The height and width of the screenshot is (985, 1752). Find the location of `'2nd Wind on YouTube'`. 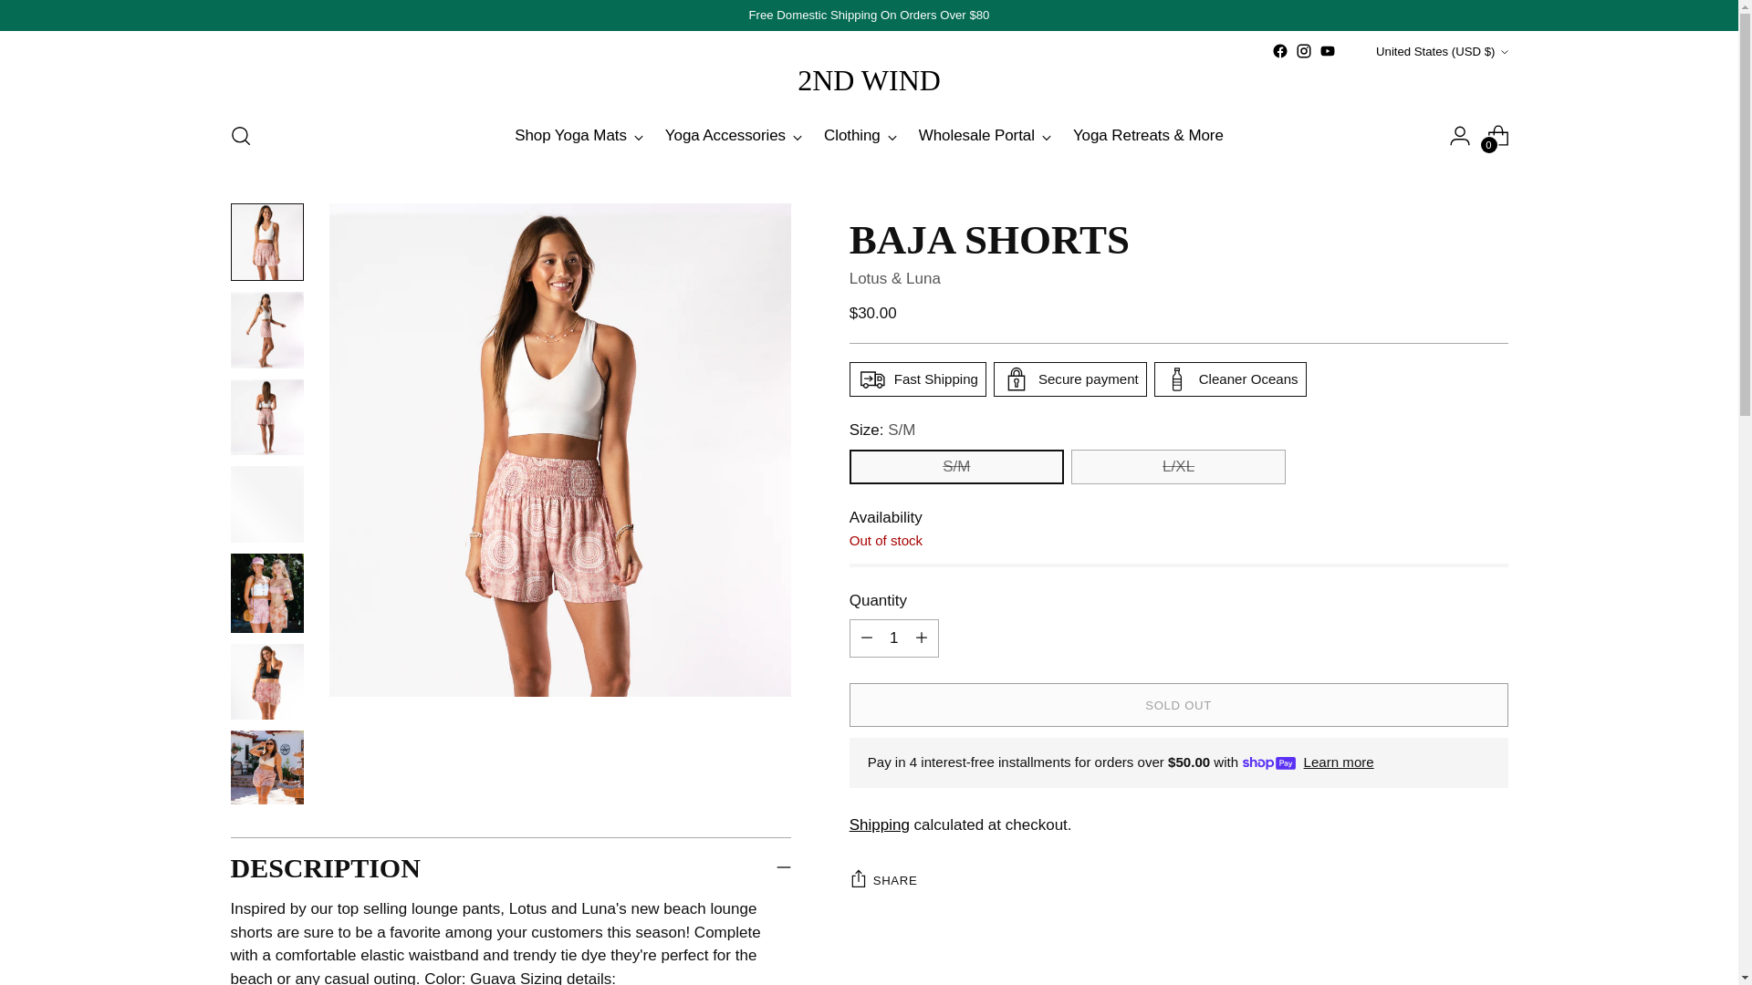

'2nd Wind on YouTube' is located at coordinates (1327, 50).